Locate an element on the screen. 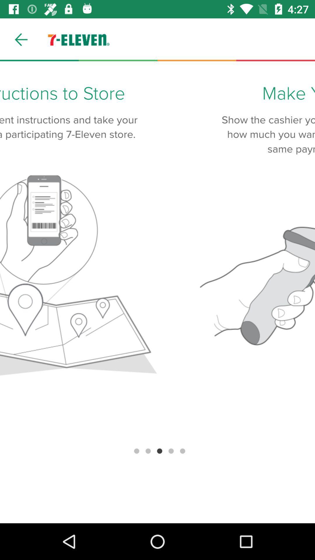  7-elevein page is located at coordinates (157, 292).